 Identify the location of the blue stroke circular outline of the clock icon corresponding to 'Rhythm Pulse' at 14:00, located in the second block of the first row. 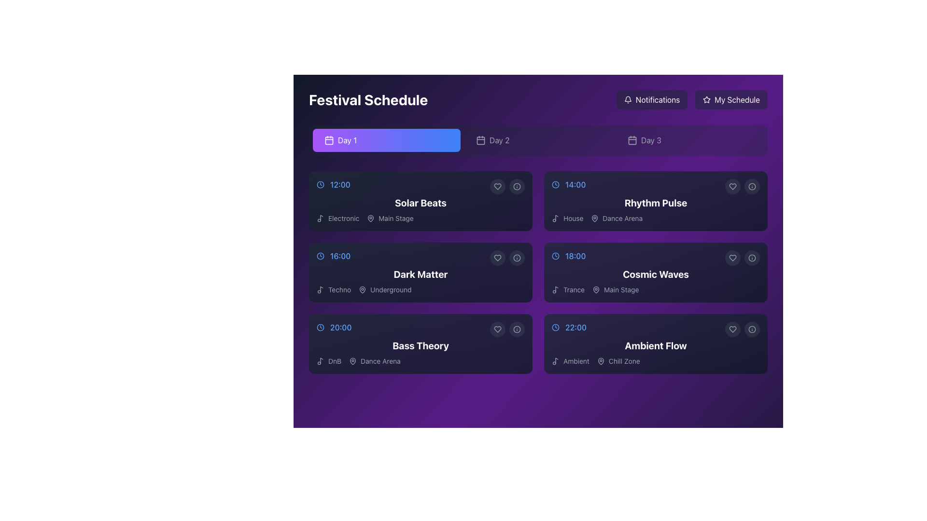
(556, 184).